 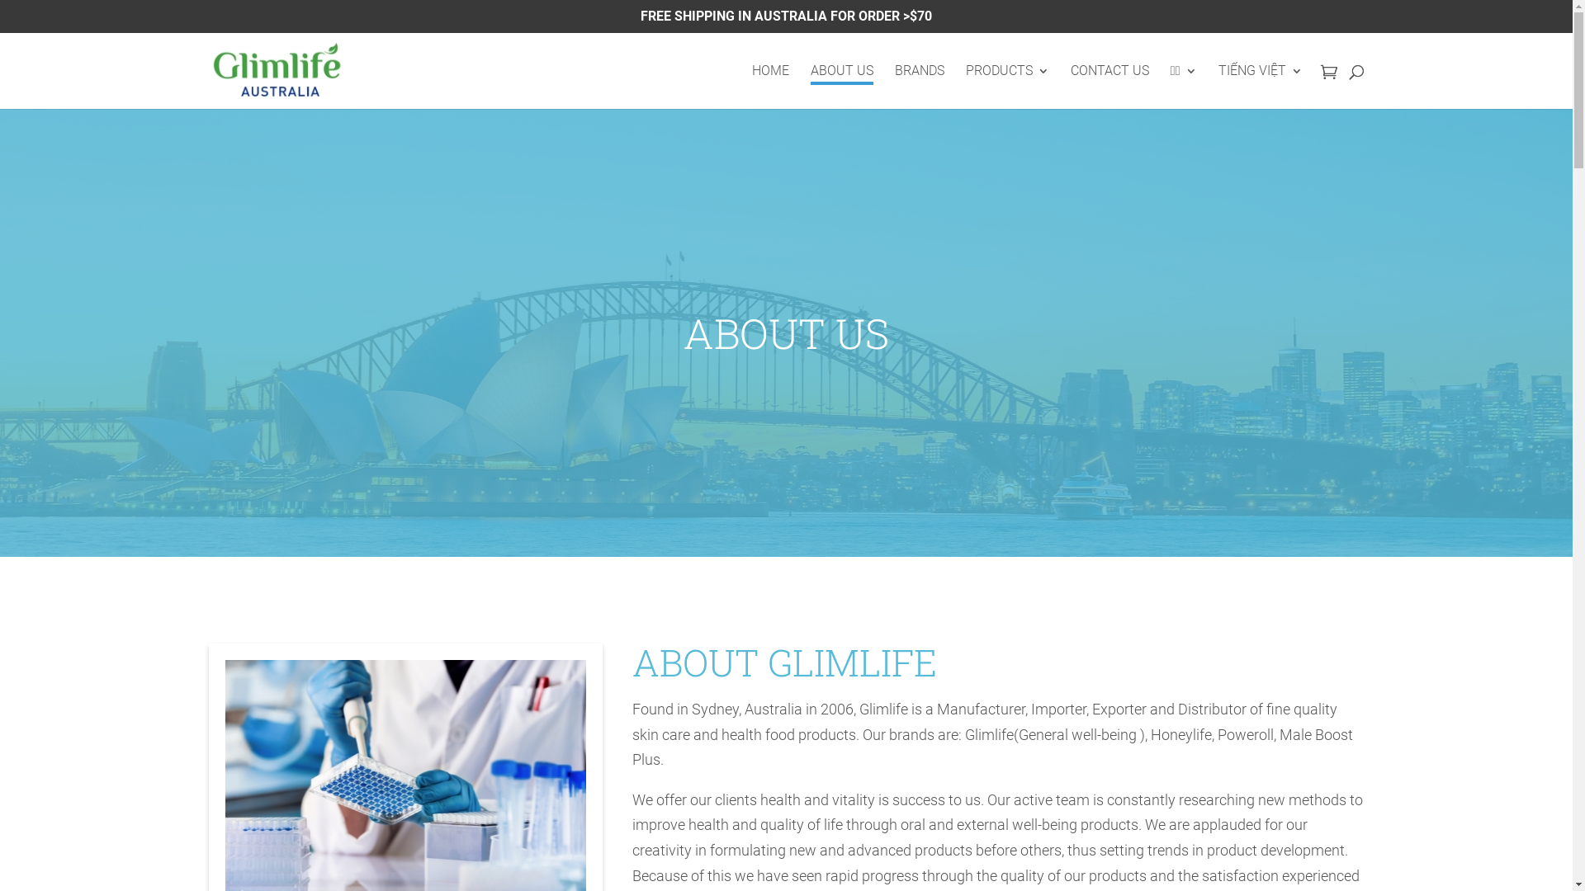 What do you see at coordinates (1109, 87) in the screenshot?
I see `'CONTACT US'` at bounding box center [1109, 87].